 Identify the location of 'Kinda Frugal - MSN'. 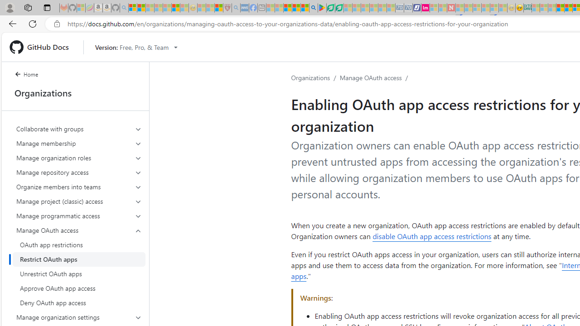
(568, 8).